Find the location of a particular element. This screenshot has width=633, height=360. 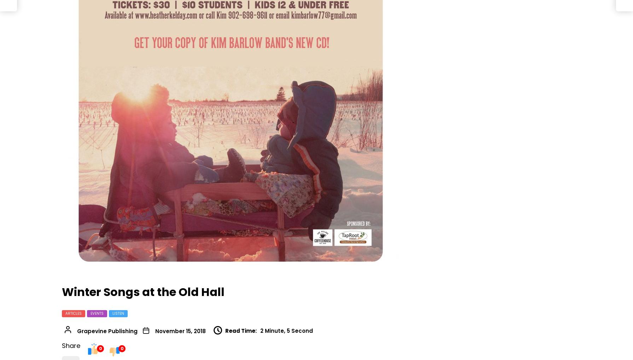

'November 15, 2018' is located at coordinates (155, 330).